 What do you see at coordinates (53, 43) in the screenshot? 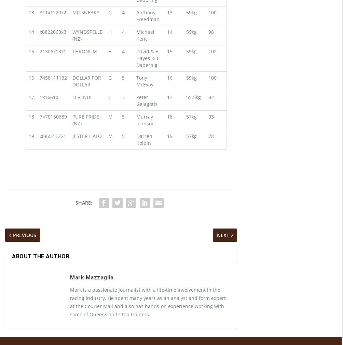
I see `'x6822063x3'` at bounding box center [53, 43].